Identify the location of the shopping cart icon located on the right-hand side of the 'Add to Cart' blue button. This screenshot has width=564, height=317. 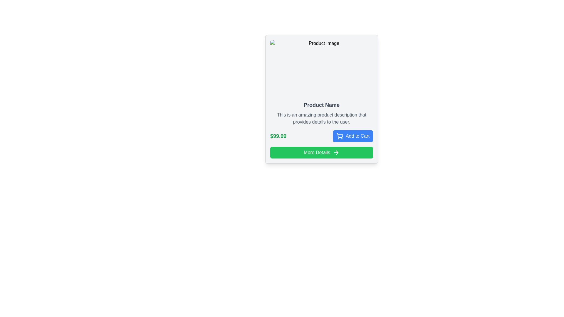
(340, 136).